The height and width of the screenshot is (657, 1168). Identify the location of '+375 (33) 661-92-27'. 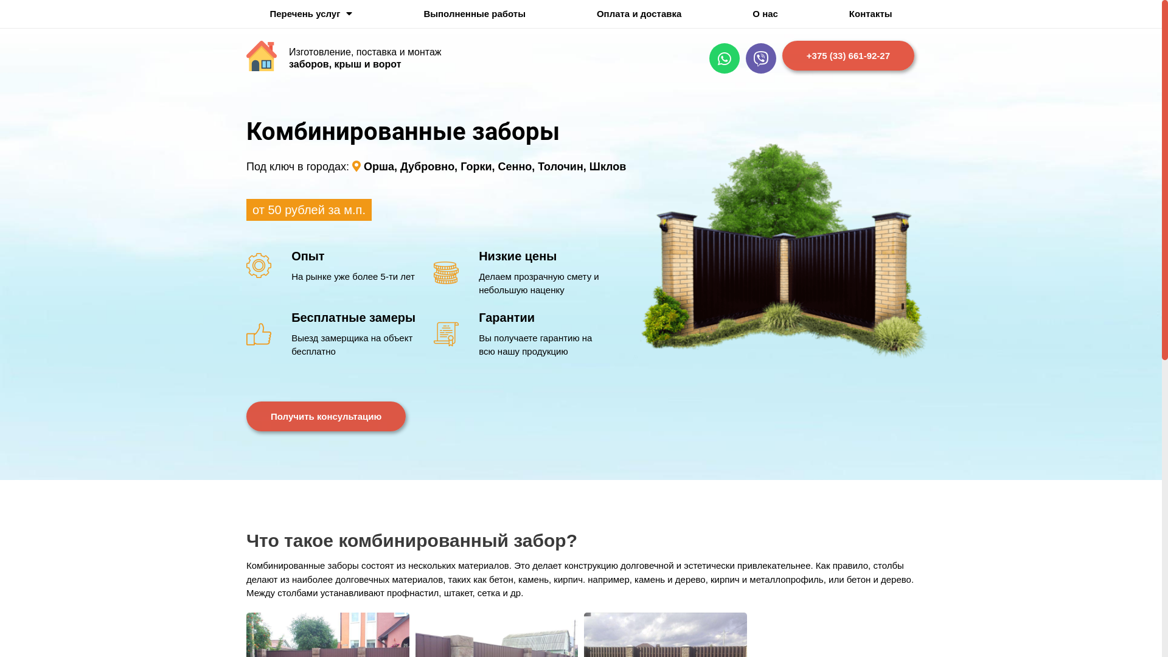
(847, 56).